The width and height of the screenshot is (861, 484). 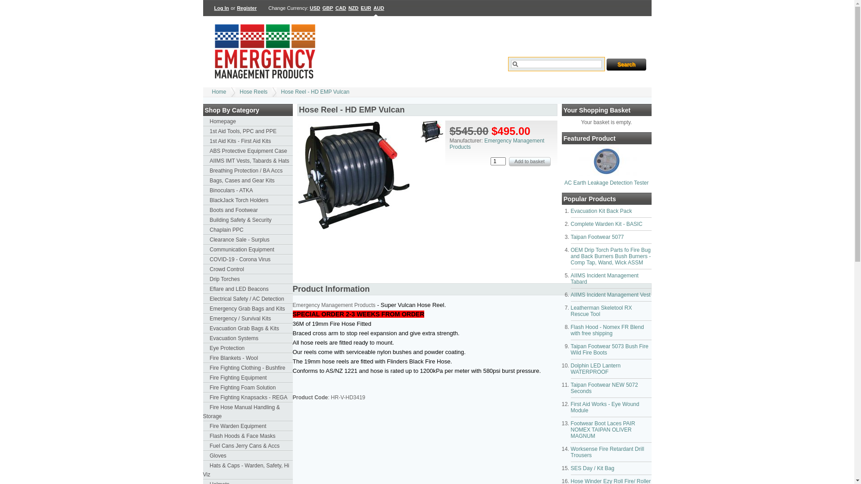 I want to click on 'Flash Hoods & Face Masks', so click(x=248, y=435).